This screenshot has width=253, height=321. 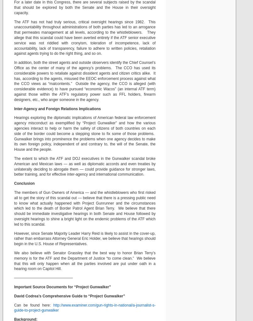 I want to click on 'Conclusion', so click(x=24, y=183).